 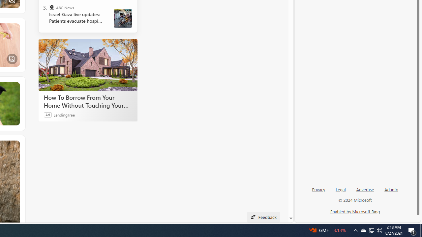 I want to click on 'ABC News', so click(x=51, y=8).